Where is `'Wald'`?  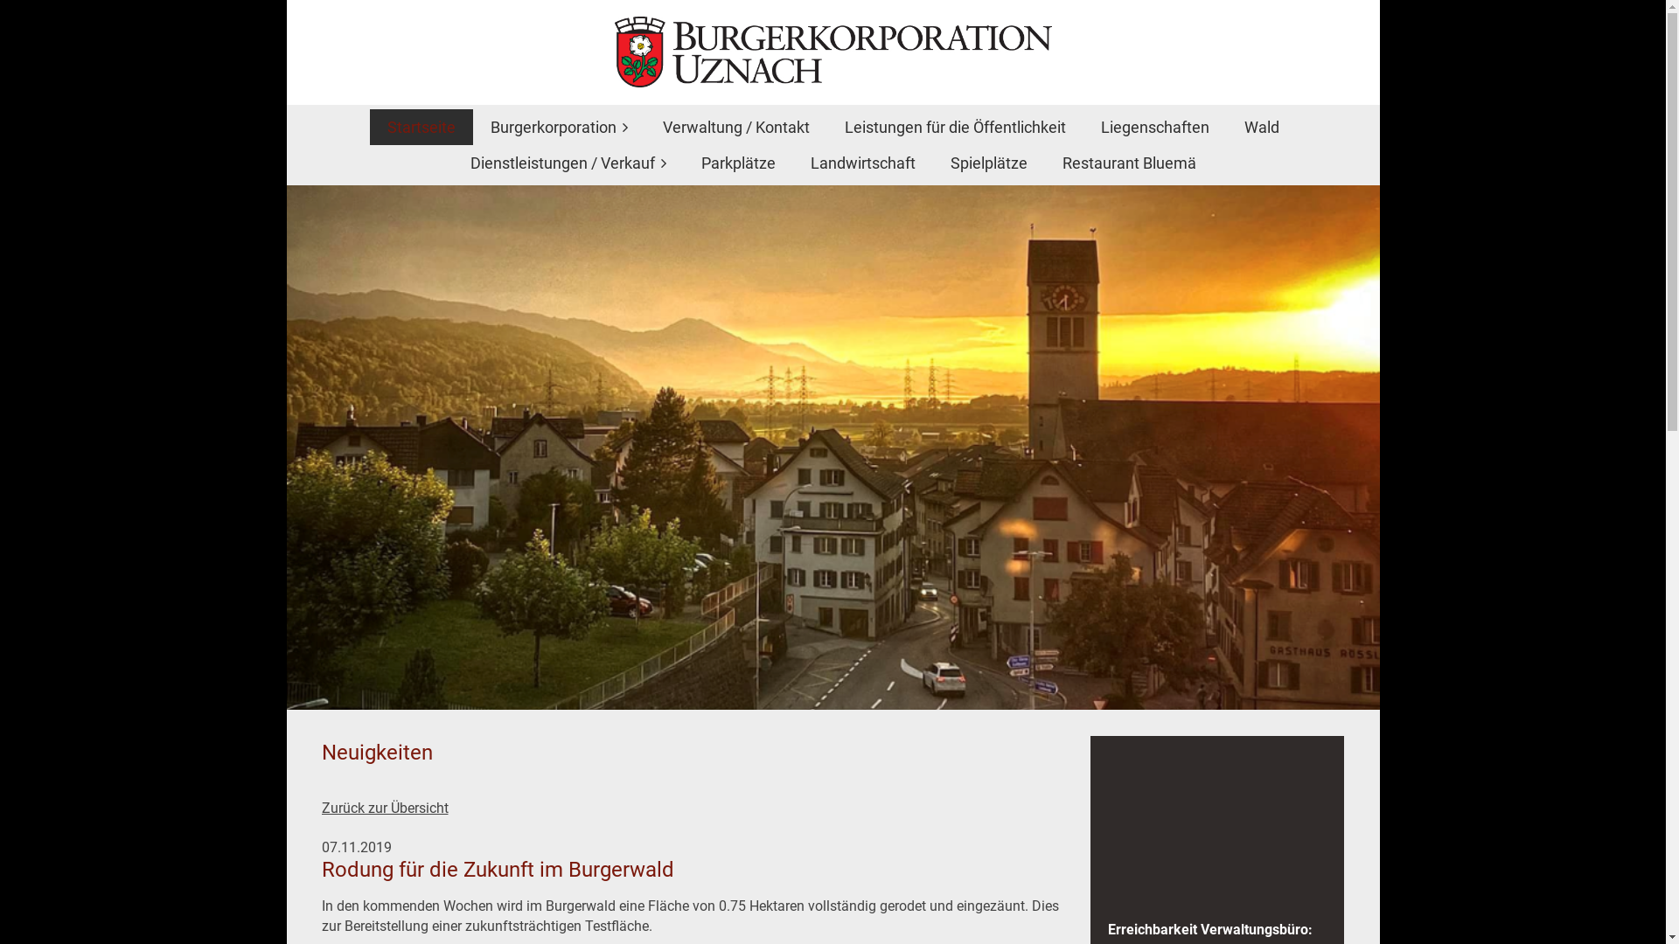 'Wald' is located at coordinates (1260, 126).